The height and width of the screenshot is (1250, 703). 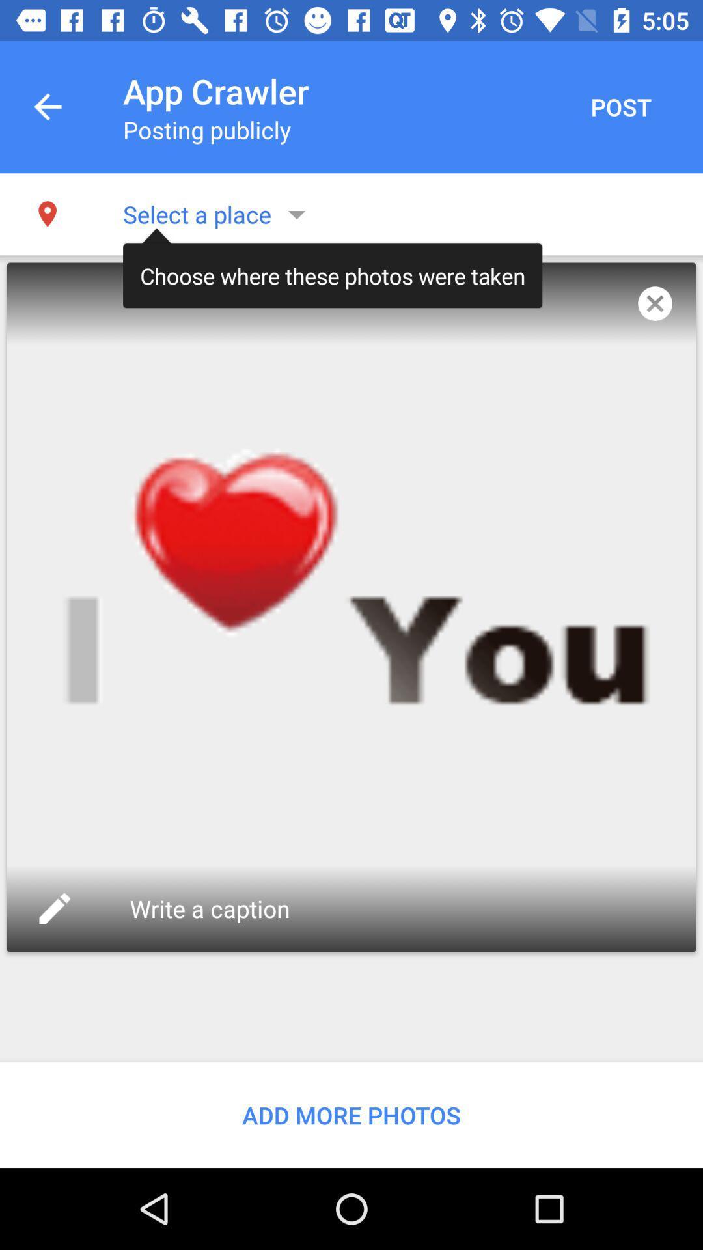 What do you see at coordinates (655, 303) in the screenshot?
I see `icon next to the choose where these icon` at bounding box center [655, 303].